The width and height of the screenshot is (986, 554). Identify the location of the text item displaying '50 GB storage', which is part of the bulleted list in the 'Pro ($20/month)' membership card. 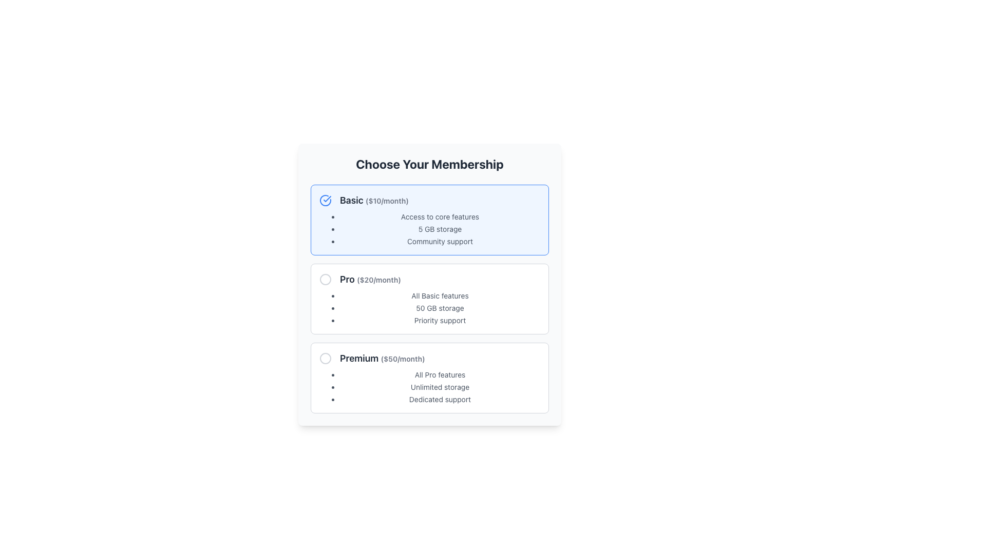
(440, 308).